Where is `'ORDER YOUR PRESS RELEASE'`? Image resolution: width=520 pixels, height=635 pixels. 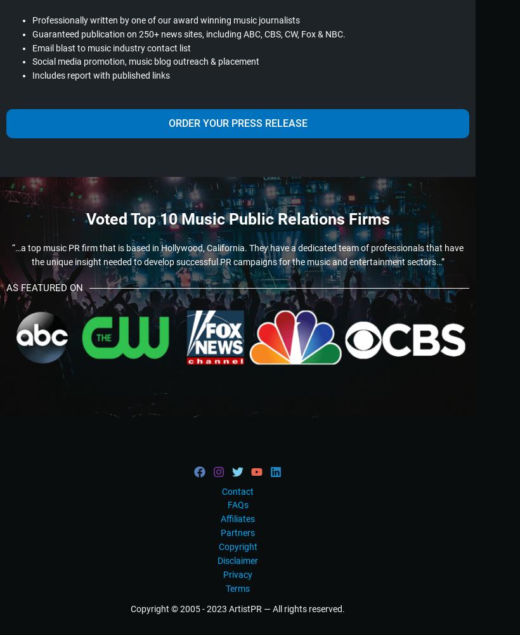 'ORDER YOUR PRESS RELEASE' is located at coordinates (237, 122).